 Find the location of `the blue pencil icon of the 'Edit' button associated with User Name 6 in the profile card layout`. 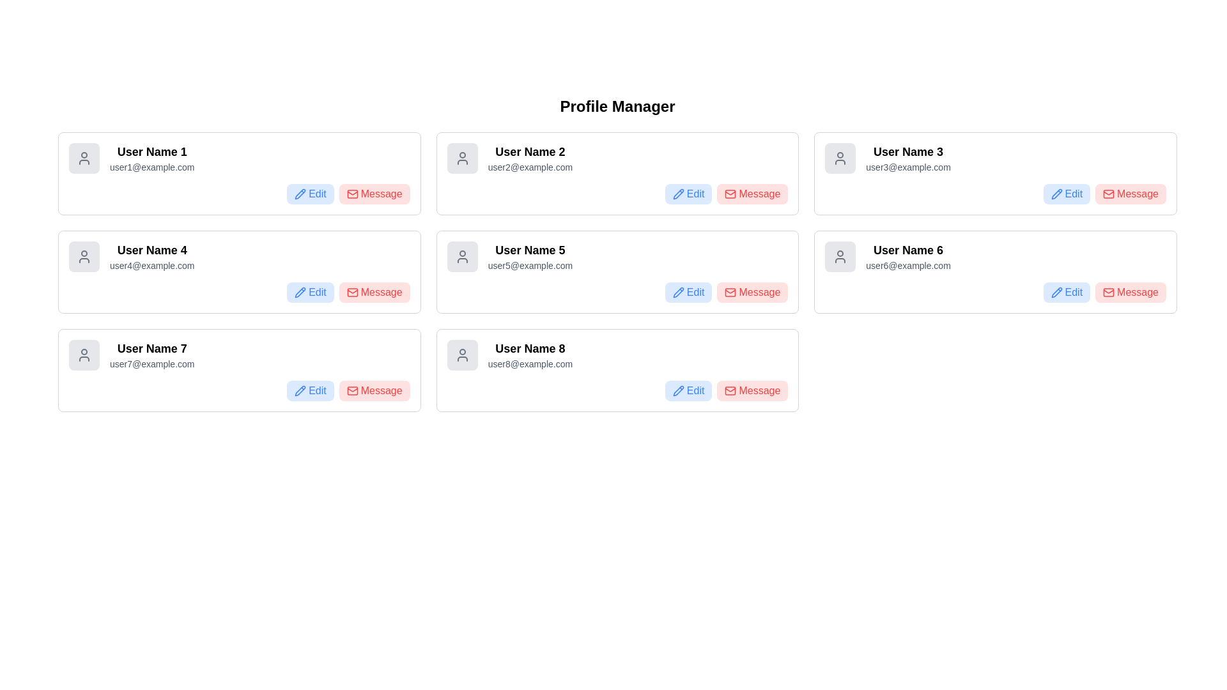

the blue pencil icon of the 'Edit' button associated with User Name 6 in the profile card layout is located at coordinates (1056, 291).